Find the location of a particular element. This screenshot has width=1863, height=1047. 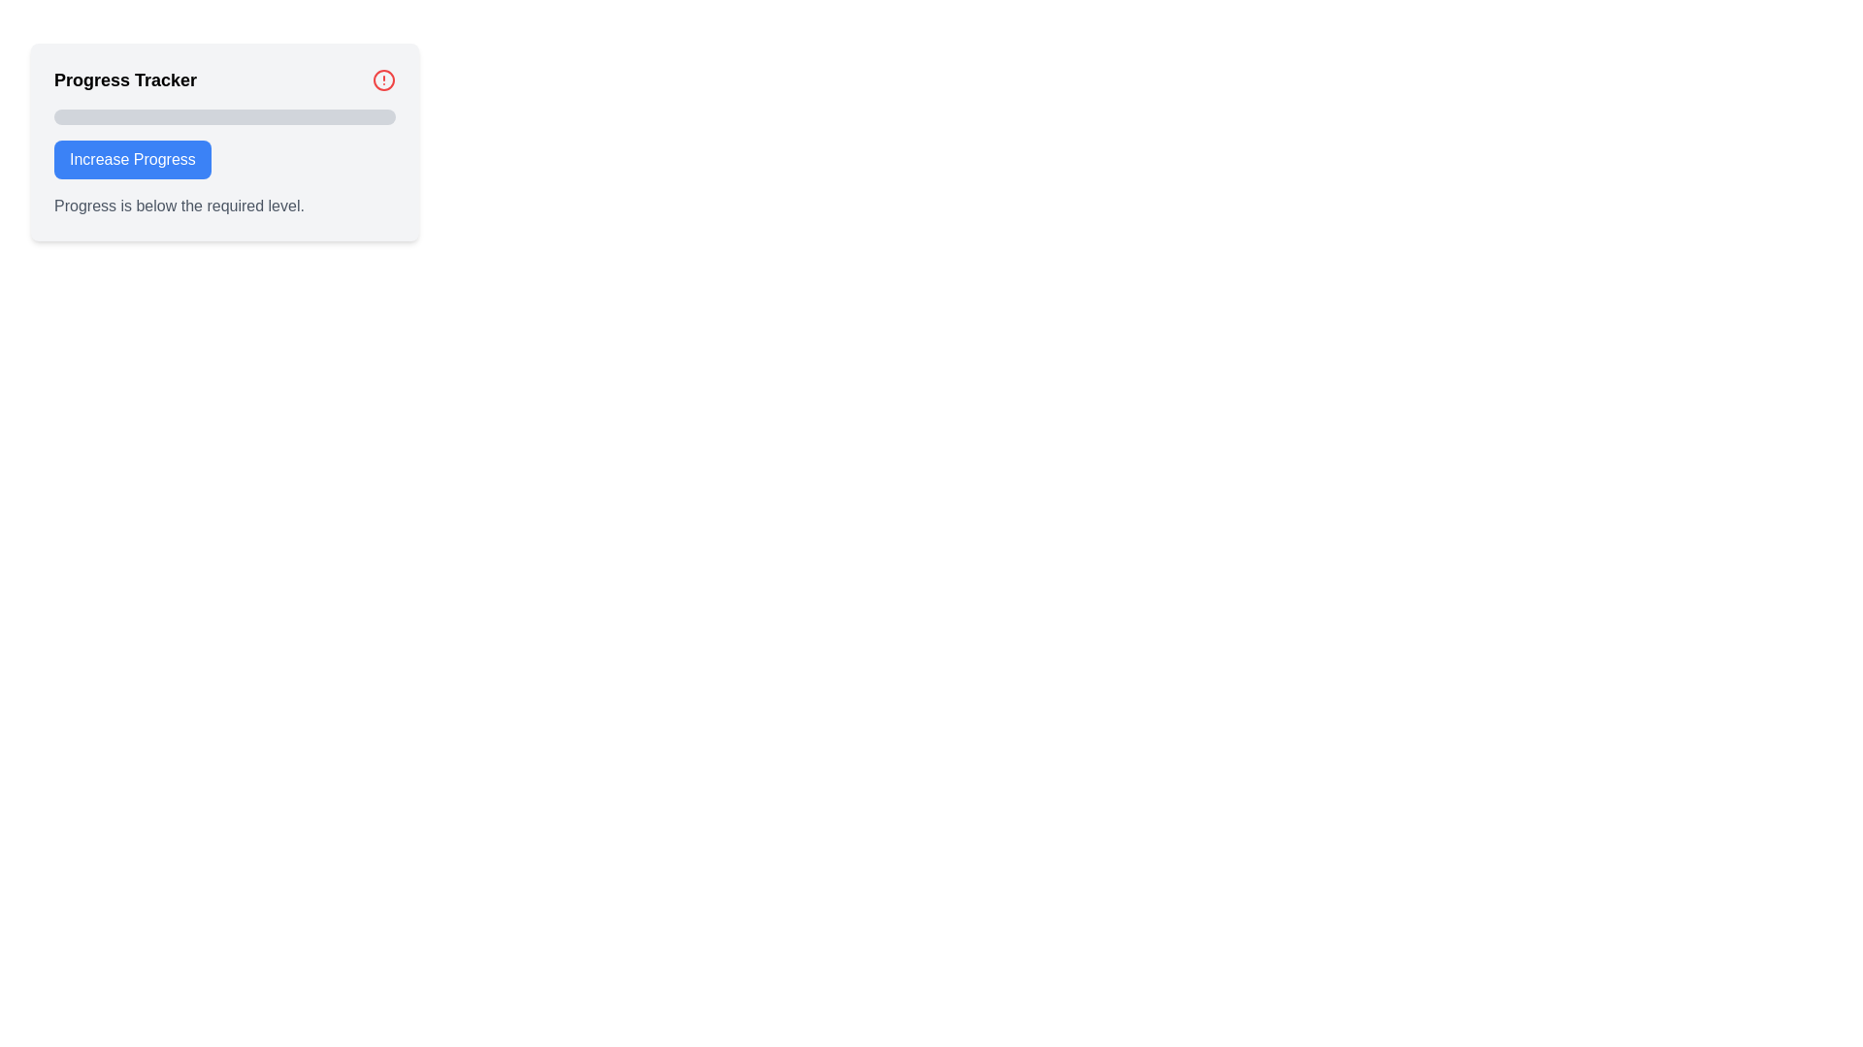

the Text Label indicating the progress level does not meet the required threshold, located below the 'Increase Progress' button in the 'Progress Tracker' layout is located at coordinates (179, 206).